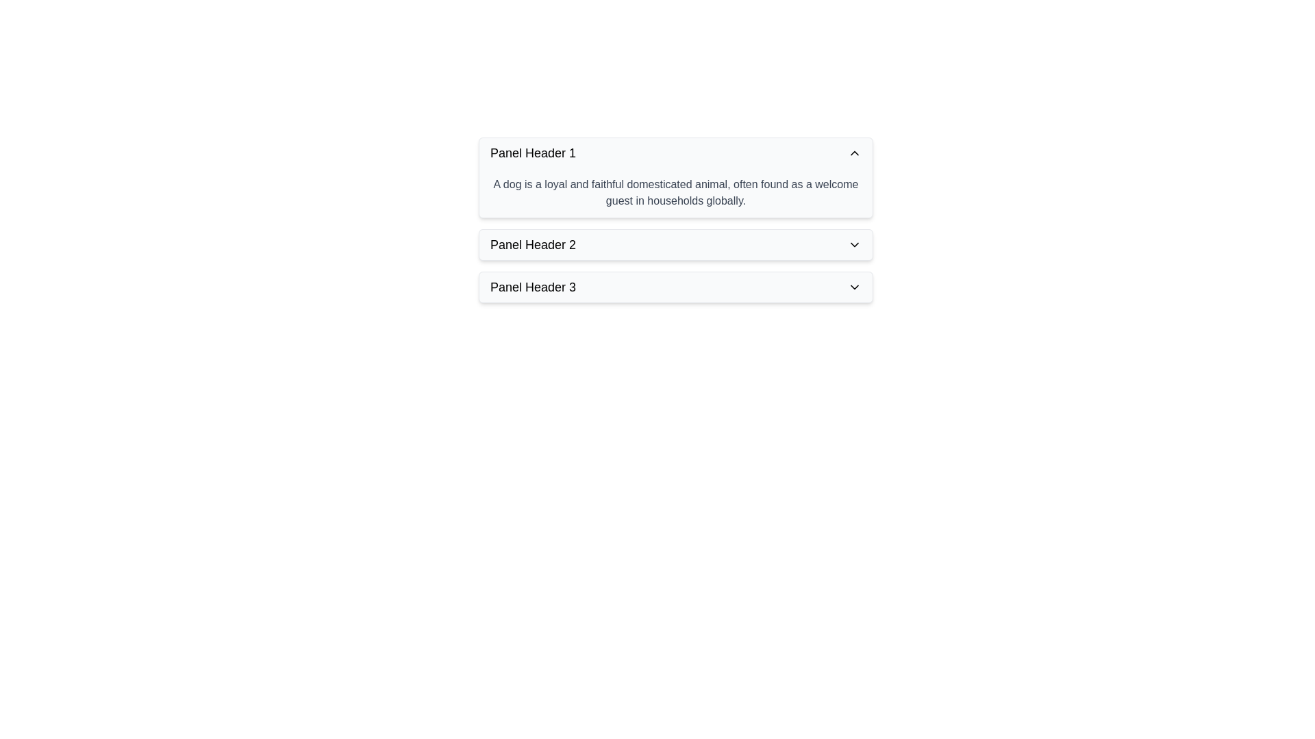  I want to click on text of the element displaying 'Panel Header 3' in bold font, which is part of a UI panel header aligned to the left, so click(532, 287).